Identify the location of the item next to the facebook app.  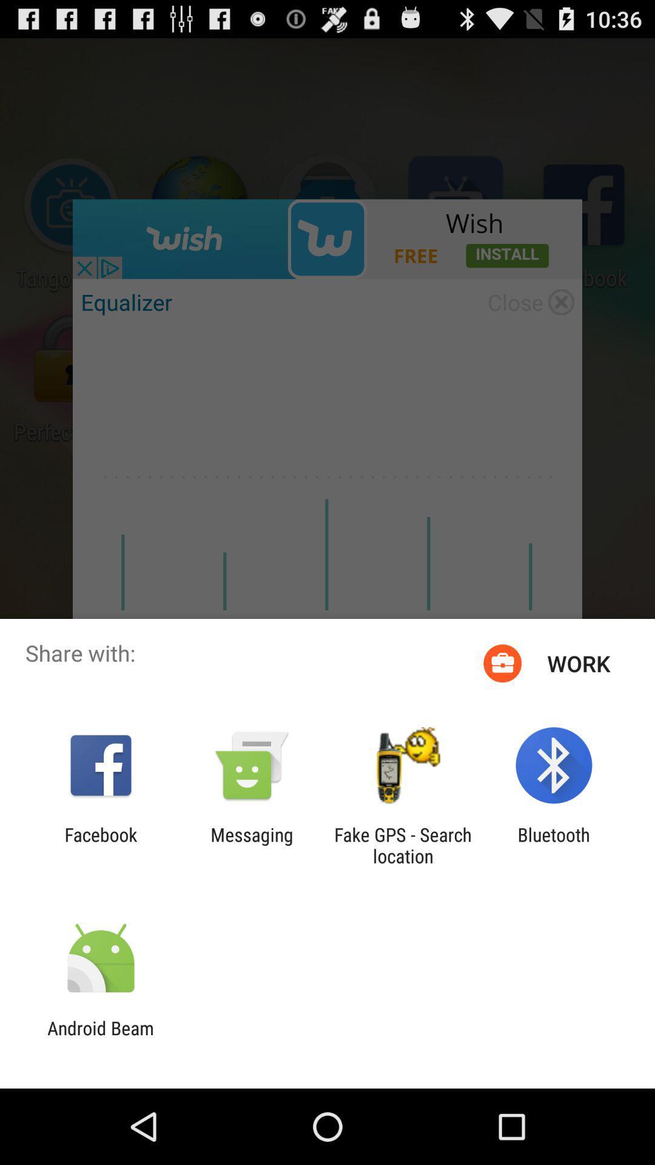
(251, 845).